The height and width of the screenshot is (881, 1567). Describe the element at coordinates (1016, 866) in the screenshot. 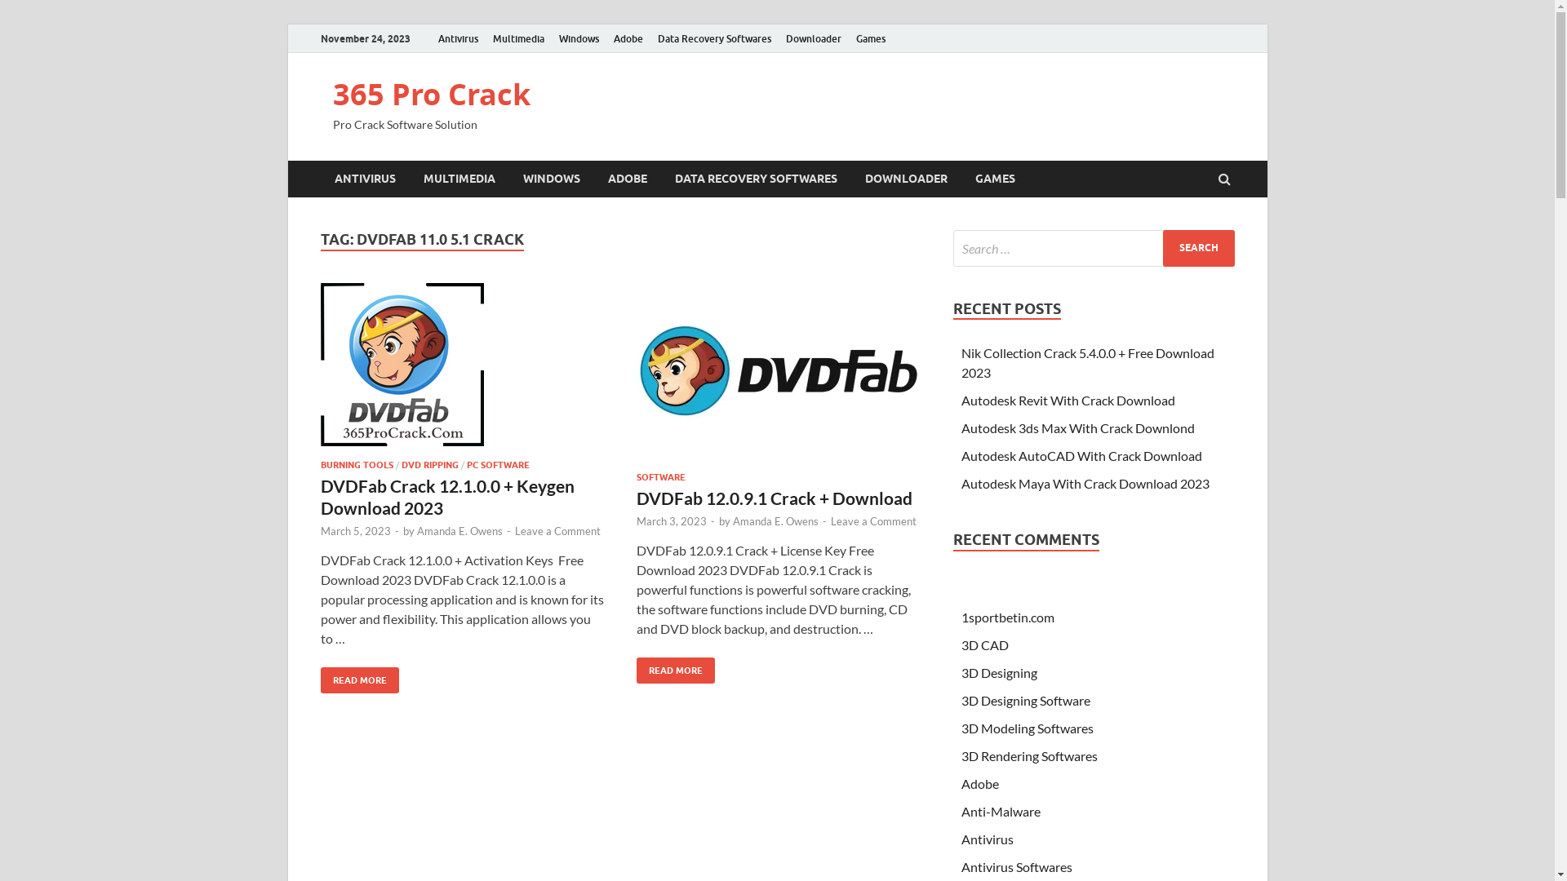

I see `'Antivirus Softwares'` at that location.